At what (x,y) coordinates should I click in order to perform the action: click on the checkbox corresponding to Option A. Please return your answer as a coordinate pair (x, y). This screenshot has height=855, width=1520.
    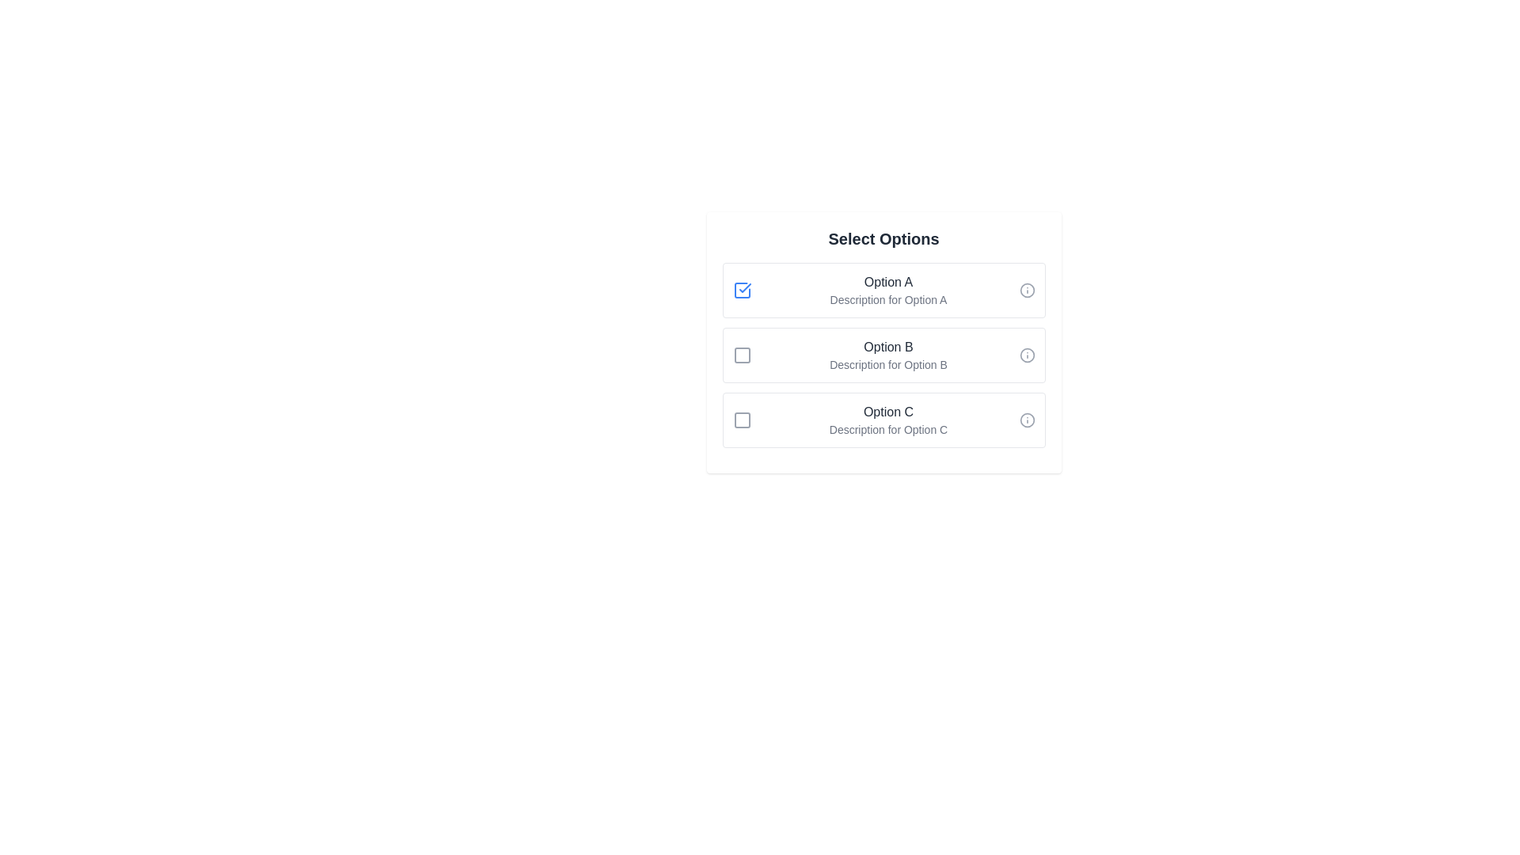
    Looking at the image, I should click on (741, 290).